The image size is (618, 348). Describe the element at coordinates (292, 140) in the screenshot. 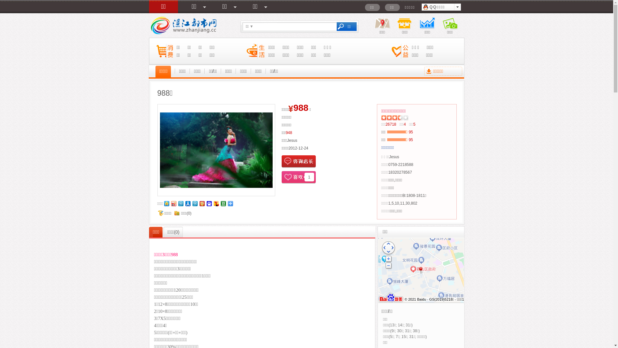

I see `'Jesus'` at that location.